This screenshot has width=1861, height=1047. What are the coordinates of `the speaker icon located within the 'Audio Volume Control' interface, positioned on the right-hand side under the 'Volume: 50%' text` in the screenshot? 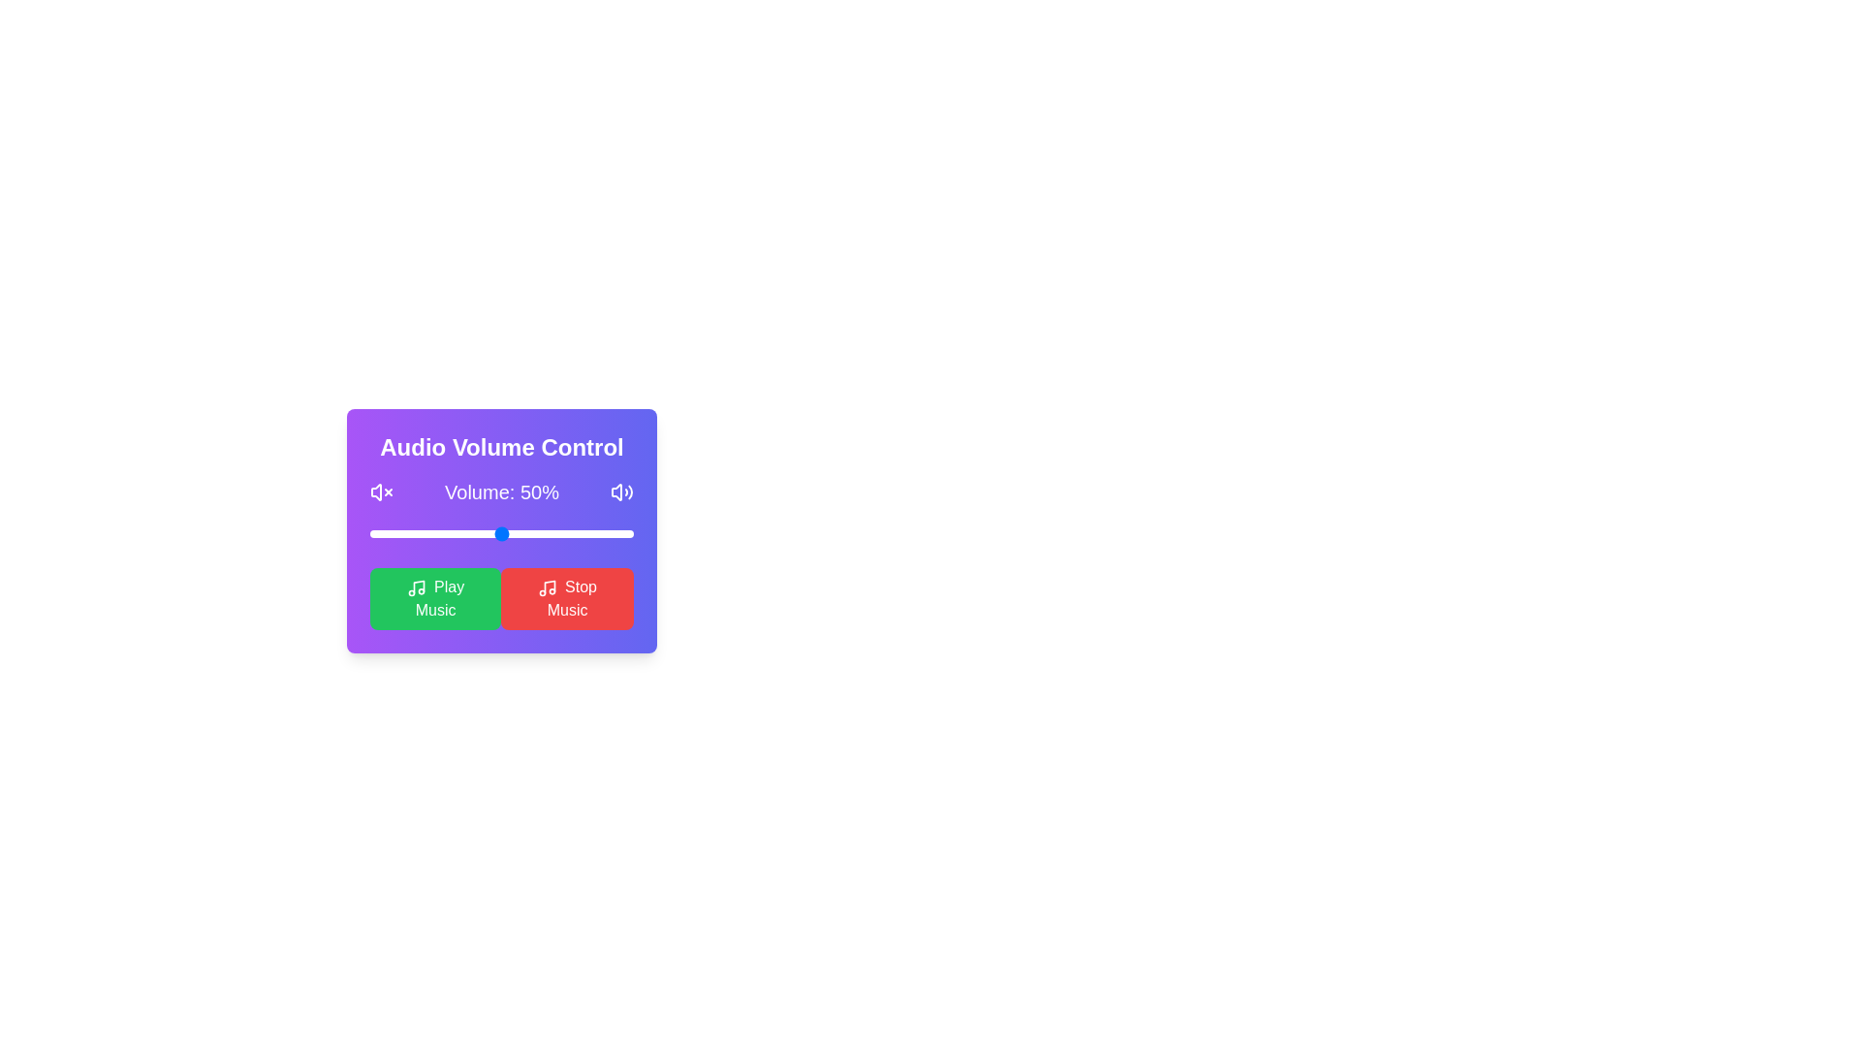 It's located at (615, 492).